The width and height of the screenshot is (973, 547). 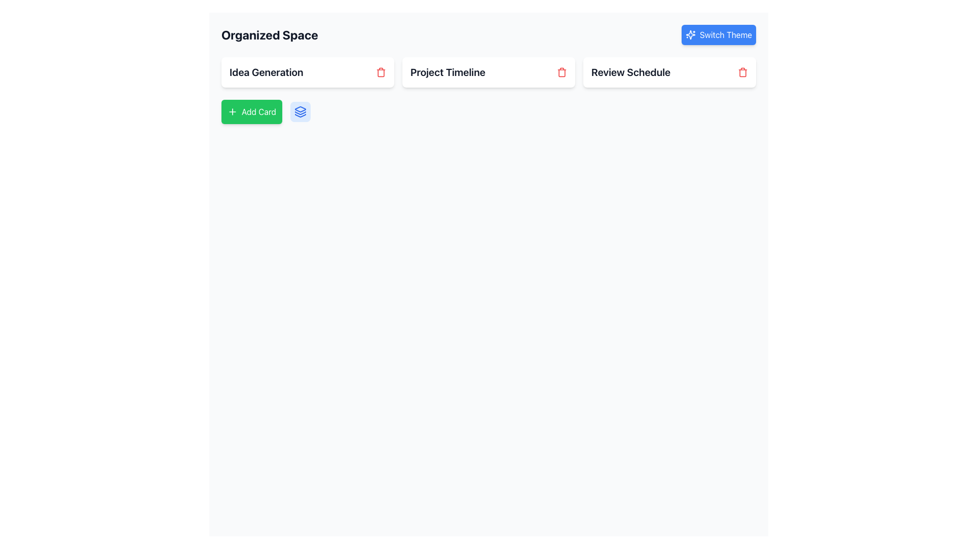 What do you see at coordinates (300, 111) in the screenshot?
I see `the layering or stack-related icon located directly to the right of the green 'Add Card' button in the 'Organized Space' section` at bounding box center [300, 111].